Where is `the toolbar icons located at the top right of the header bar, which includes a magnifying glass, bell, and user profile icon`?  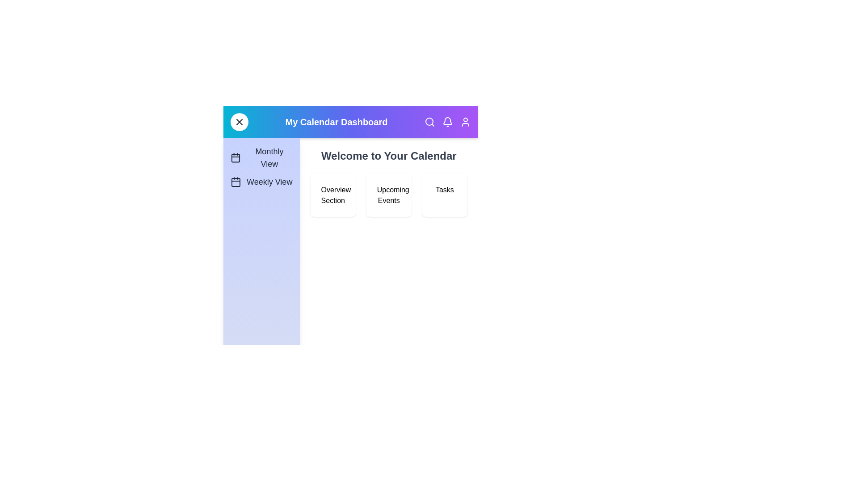
the toolbar icons located at the top right of the header bar, which includes a magnifying glass, bell, and user profile icon is located at coordinates (447, 122).